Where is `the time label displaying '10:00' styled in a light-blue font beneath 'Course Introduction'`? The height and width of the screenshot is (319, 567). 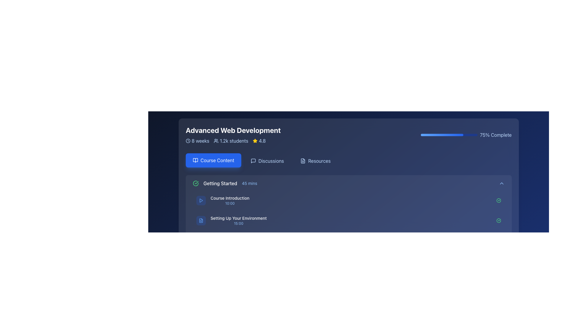 the time label displaying '10:00' styled in a light-blue font beneath 'Course Introduction' is located at coordinates (229, 203).